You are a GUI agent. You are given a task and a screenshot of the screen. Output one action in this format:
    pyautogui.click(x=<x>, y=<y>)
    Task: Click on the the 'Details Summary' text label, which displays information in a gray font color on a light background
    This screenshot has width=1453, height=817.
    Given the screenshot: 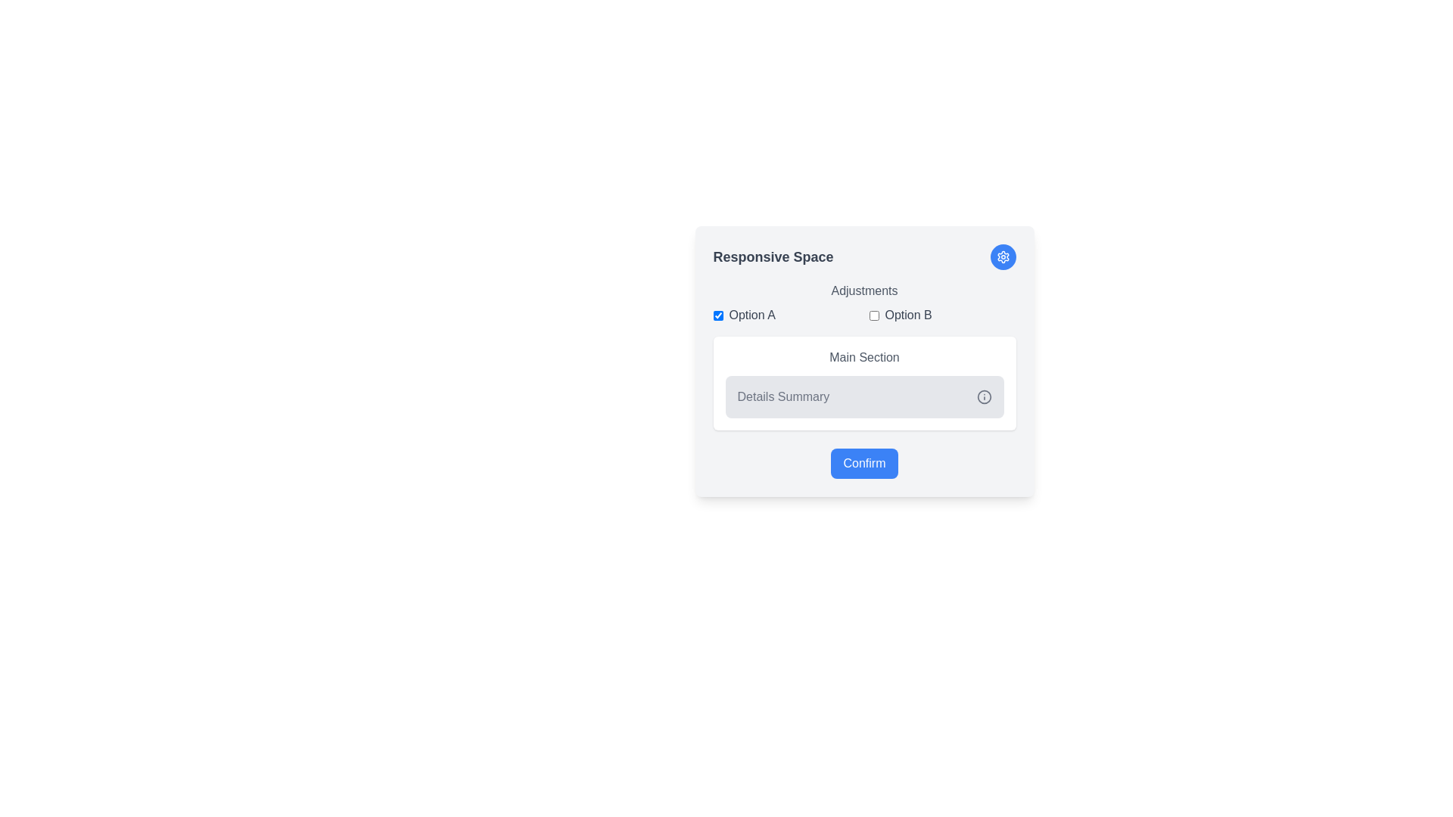 What is the action you would take?
    pyautogui.click(x=783, y=396)
    